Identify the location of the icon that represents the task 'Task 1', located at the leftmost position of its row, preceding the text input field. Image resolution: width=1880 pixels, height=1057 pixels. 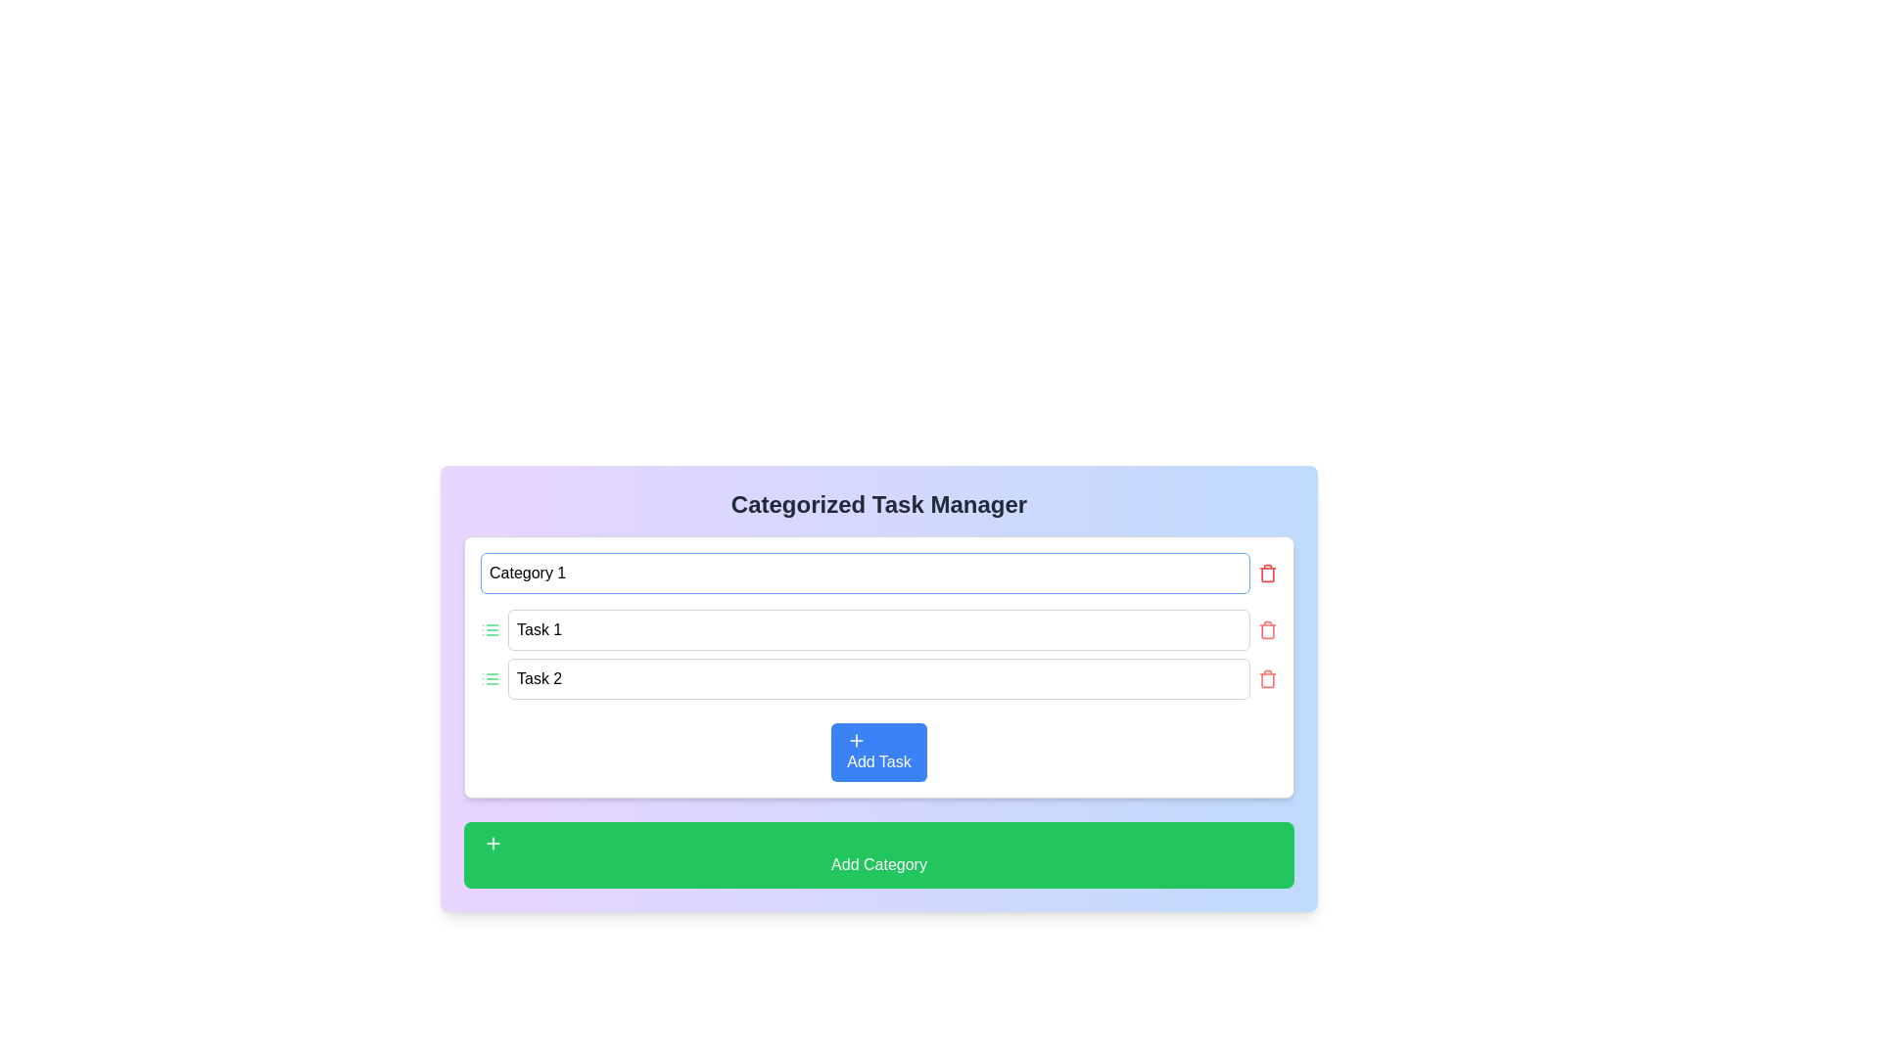
(490, 630).